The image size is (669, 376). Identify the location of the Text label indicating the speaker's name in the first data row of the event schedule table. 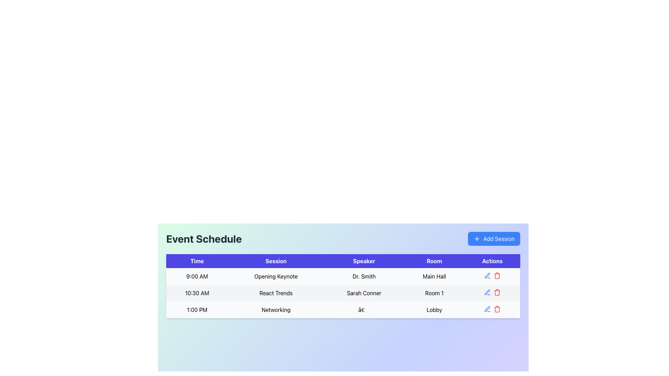
(364, 276).